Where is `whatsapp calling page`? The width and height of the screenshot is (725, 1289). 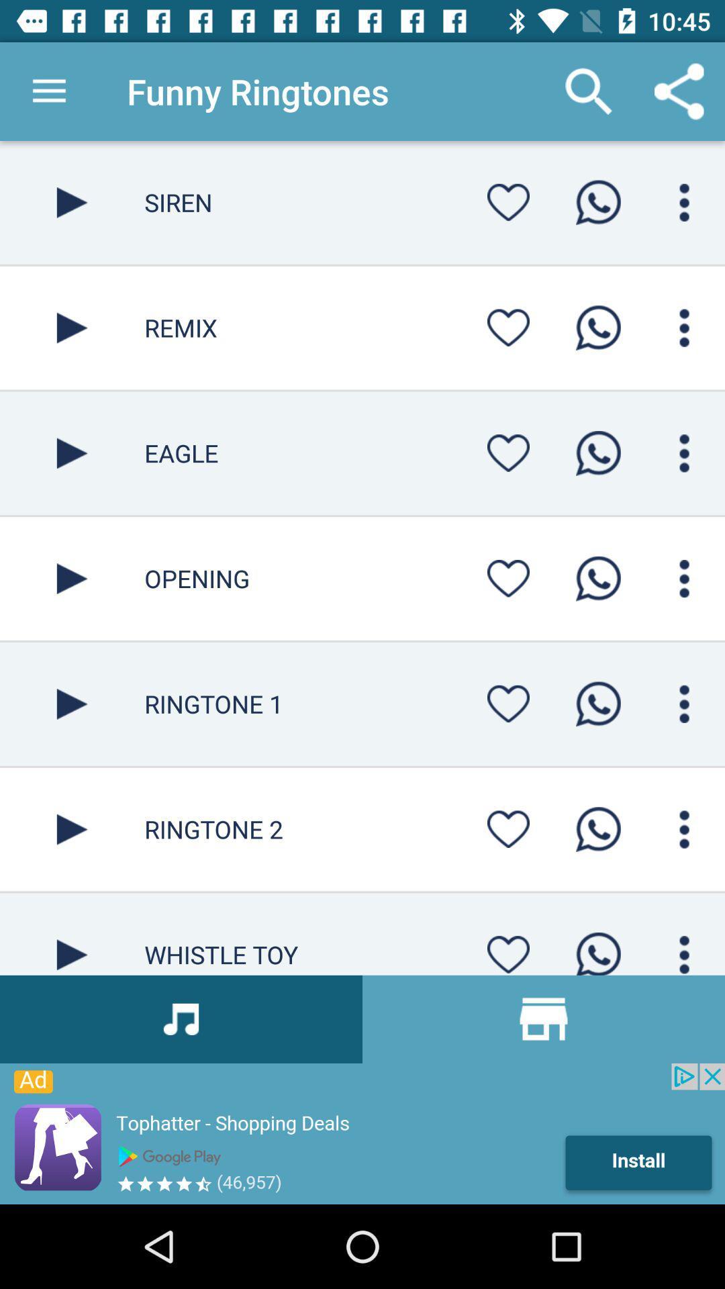 whatsapp calling page is located at coordinates (684, 201).